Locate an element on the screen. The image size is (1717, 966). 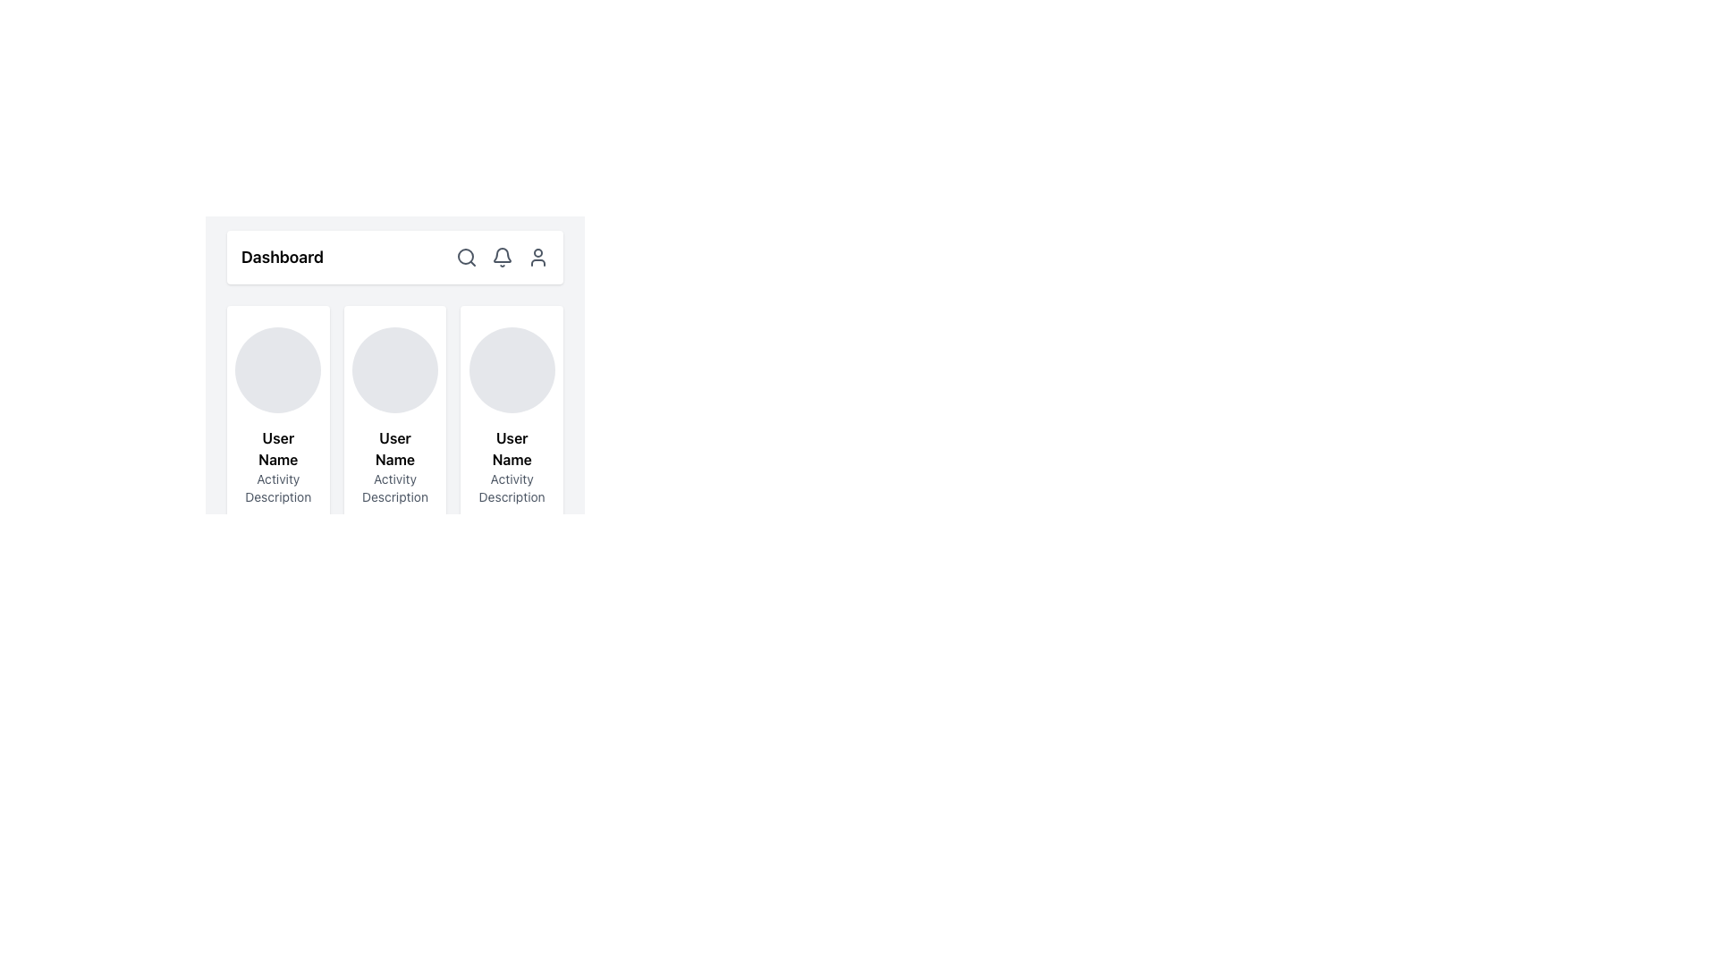
the bell icon in the top-right corner of the toolbar is located at coordinates (501, 255).